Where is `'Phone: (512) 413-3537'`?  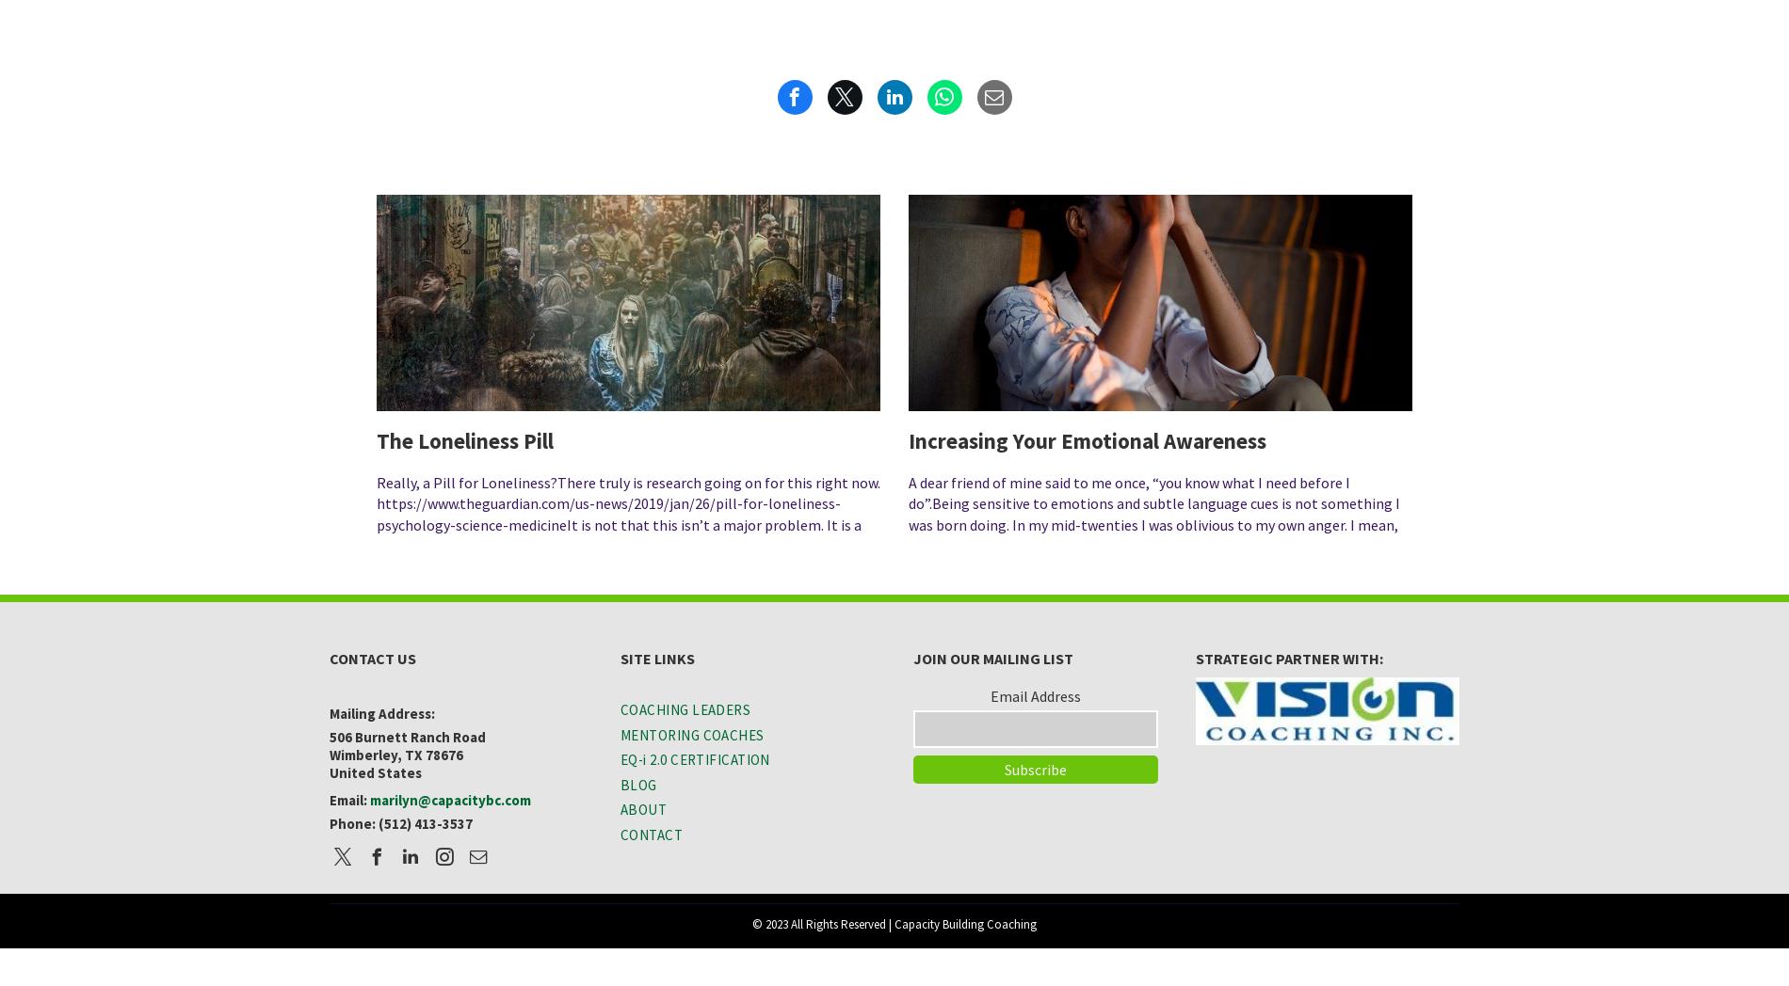 'Phone: (512) 413-3537' is located at coordinates (328, 822).